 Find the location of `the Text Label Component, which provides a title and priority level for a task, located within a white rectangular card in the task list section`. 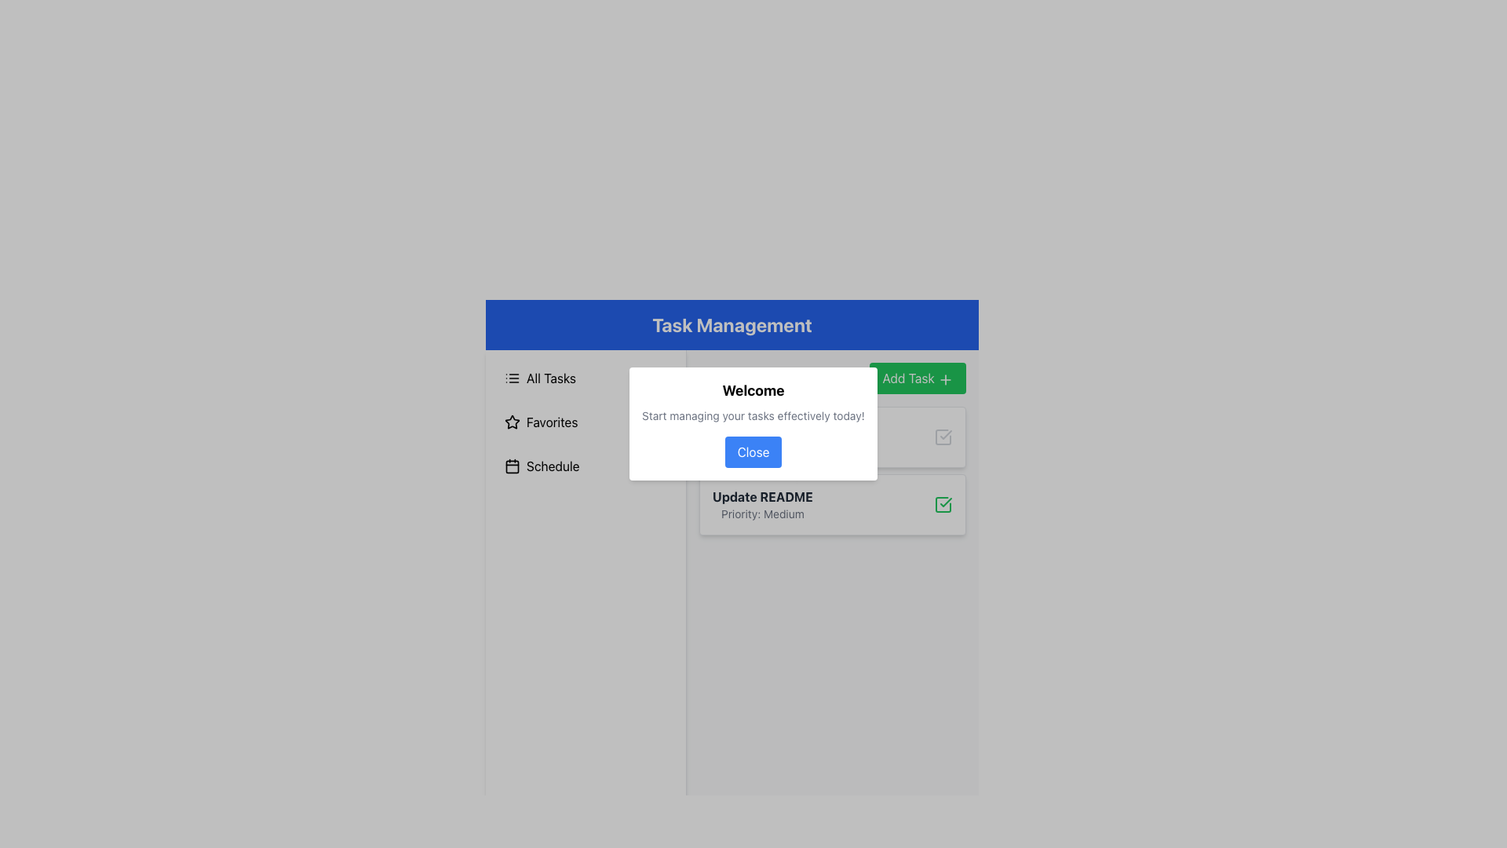

the Text Label Component, which provides a title and priority level for a task, located within a white rectangular card in the task list section is located at coordinates (762, 505).